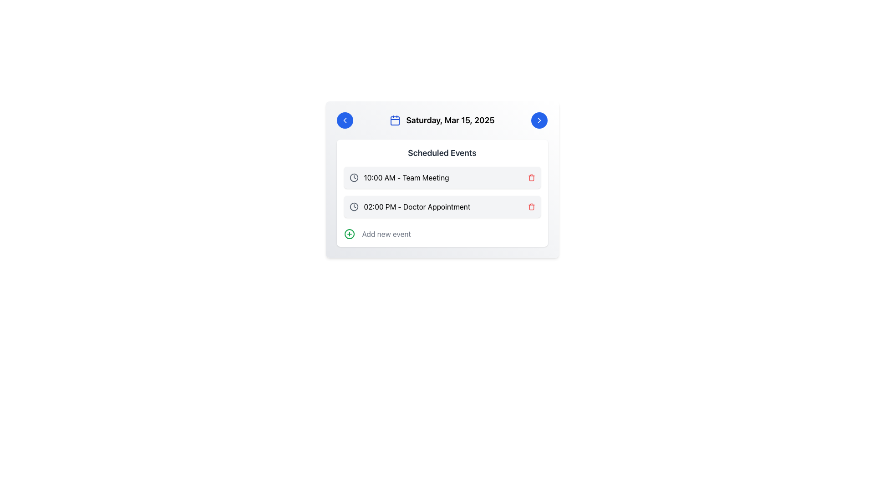  What do you see at coordinates (349, 234) in the screenshot?
I see `the interactive icon located to the left of the 'Add new event' text to initiate the creation of a new event` at bounding box center [349, 234].